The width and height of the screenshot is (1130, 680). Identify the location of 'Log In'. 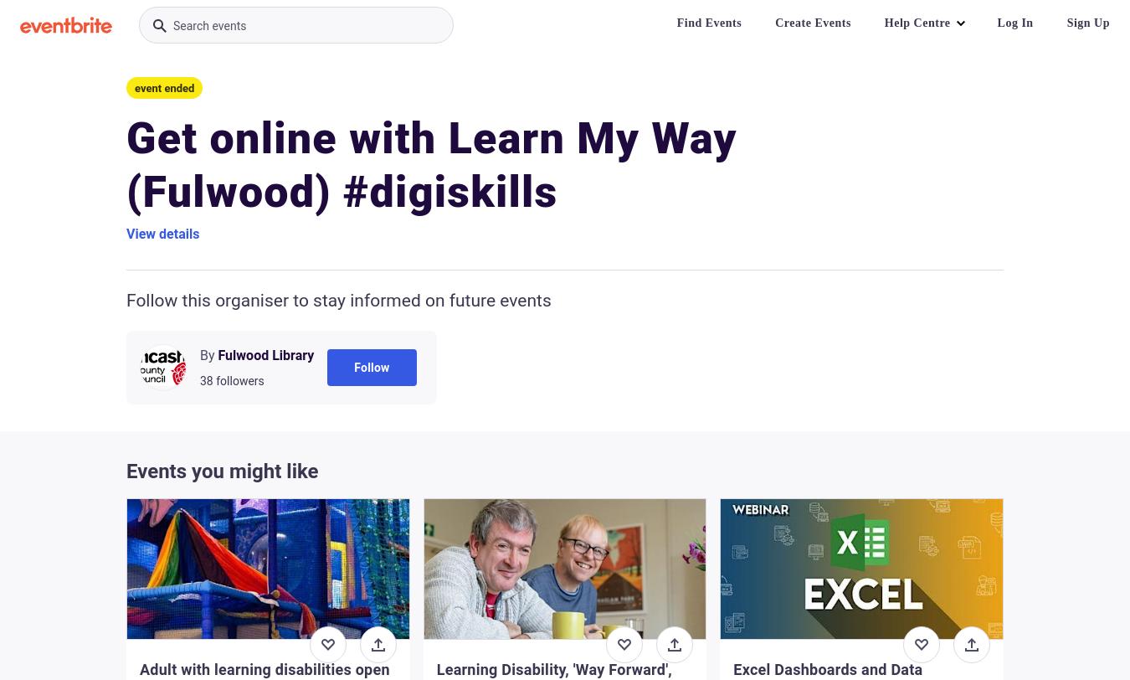
(1014, 23).